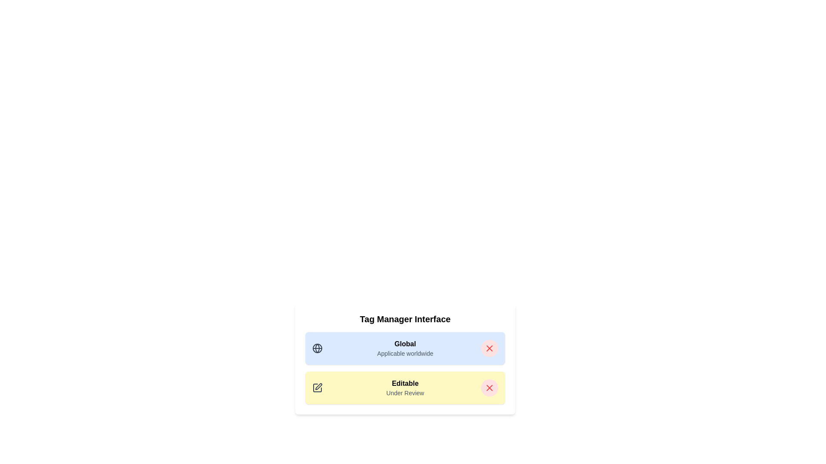 The height and width of the screenshot is (464, 826). What do you see at coordinates (489, 388) in the screenshot?
I see `delete button for the tag labeled Editable` at bounding box center [489, 388].